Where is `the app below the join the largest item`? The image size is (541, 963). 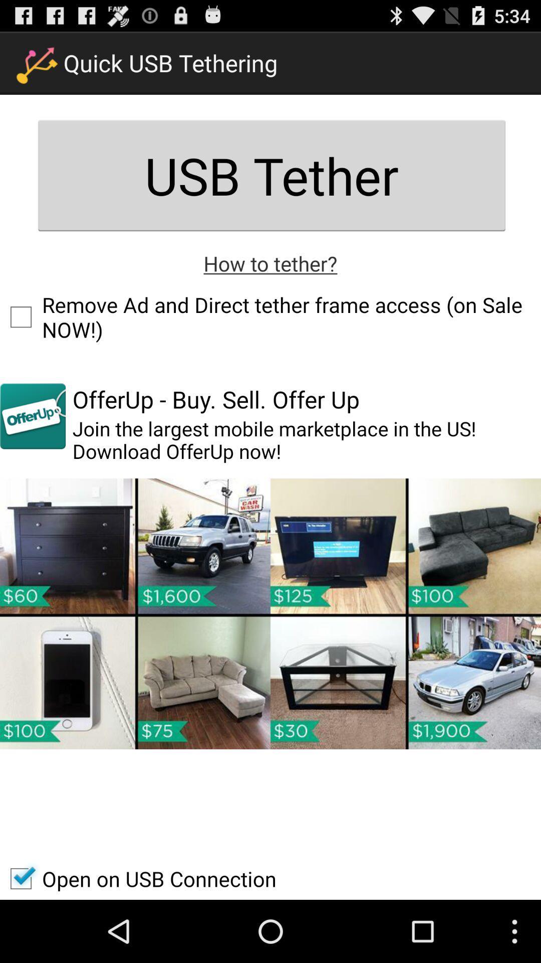 the app below the join the largest item is located at coordinates (270, 613).